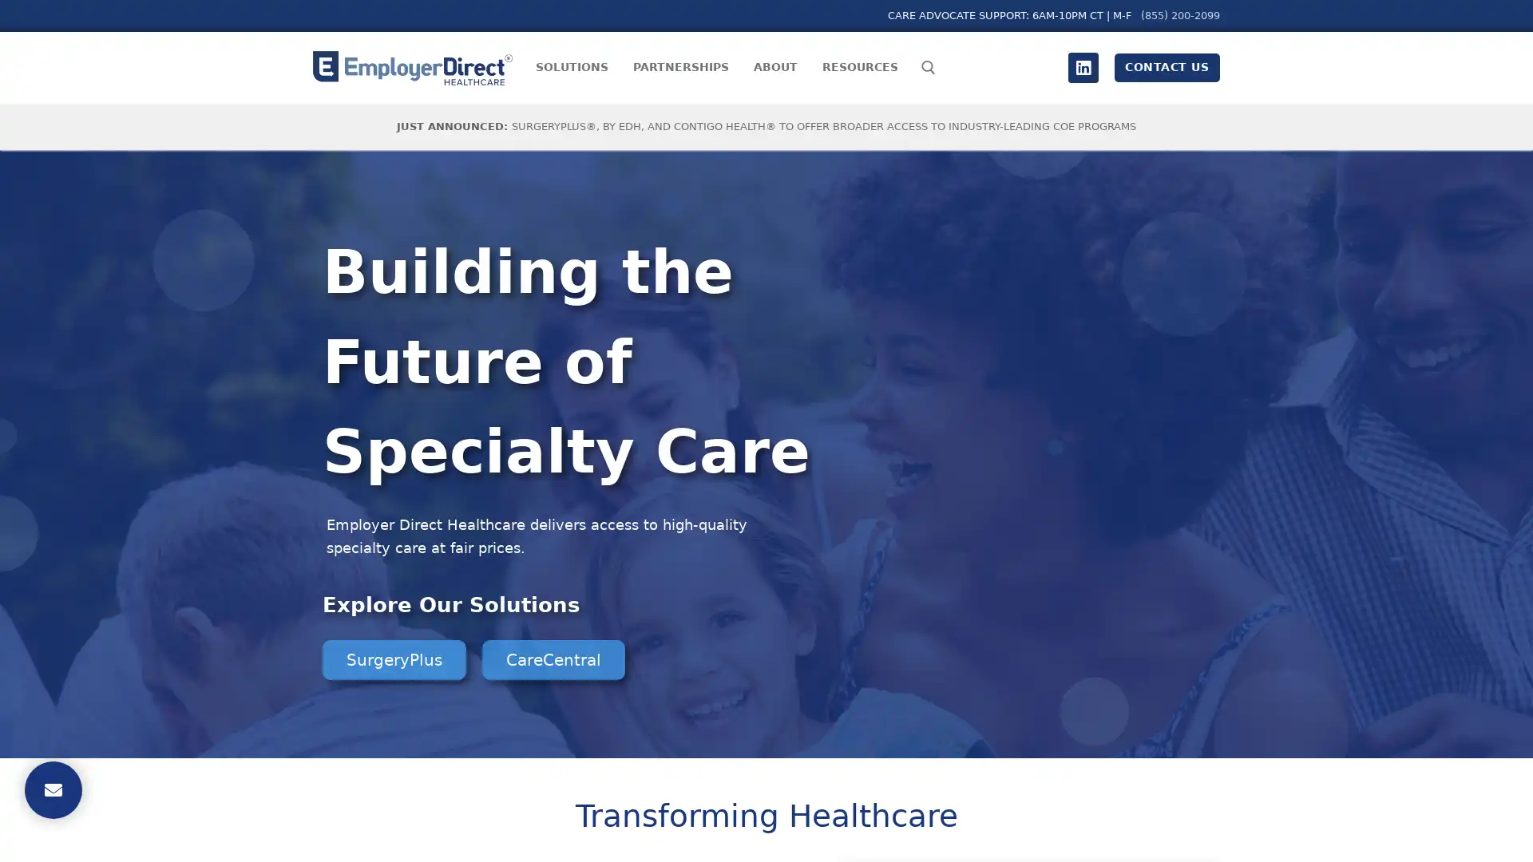 The image size is (1533, 862). Describe the element at coordinates (553, 659) in the screenshot. I see `CareCentral` at that location.